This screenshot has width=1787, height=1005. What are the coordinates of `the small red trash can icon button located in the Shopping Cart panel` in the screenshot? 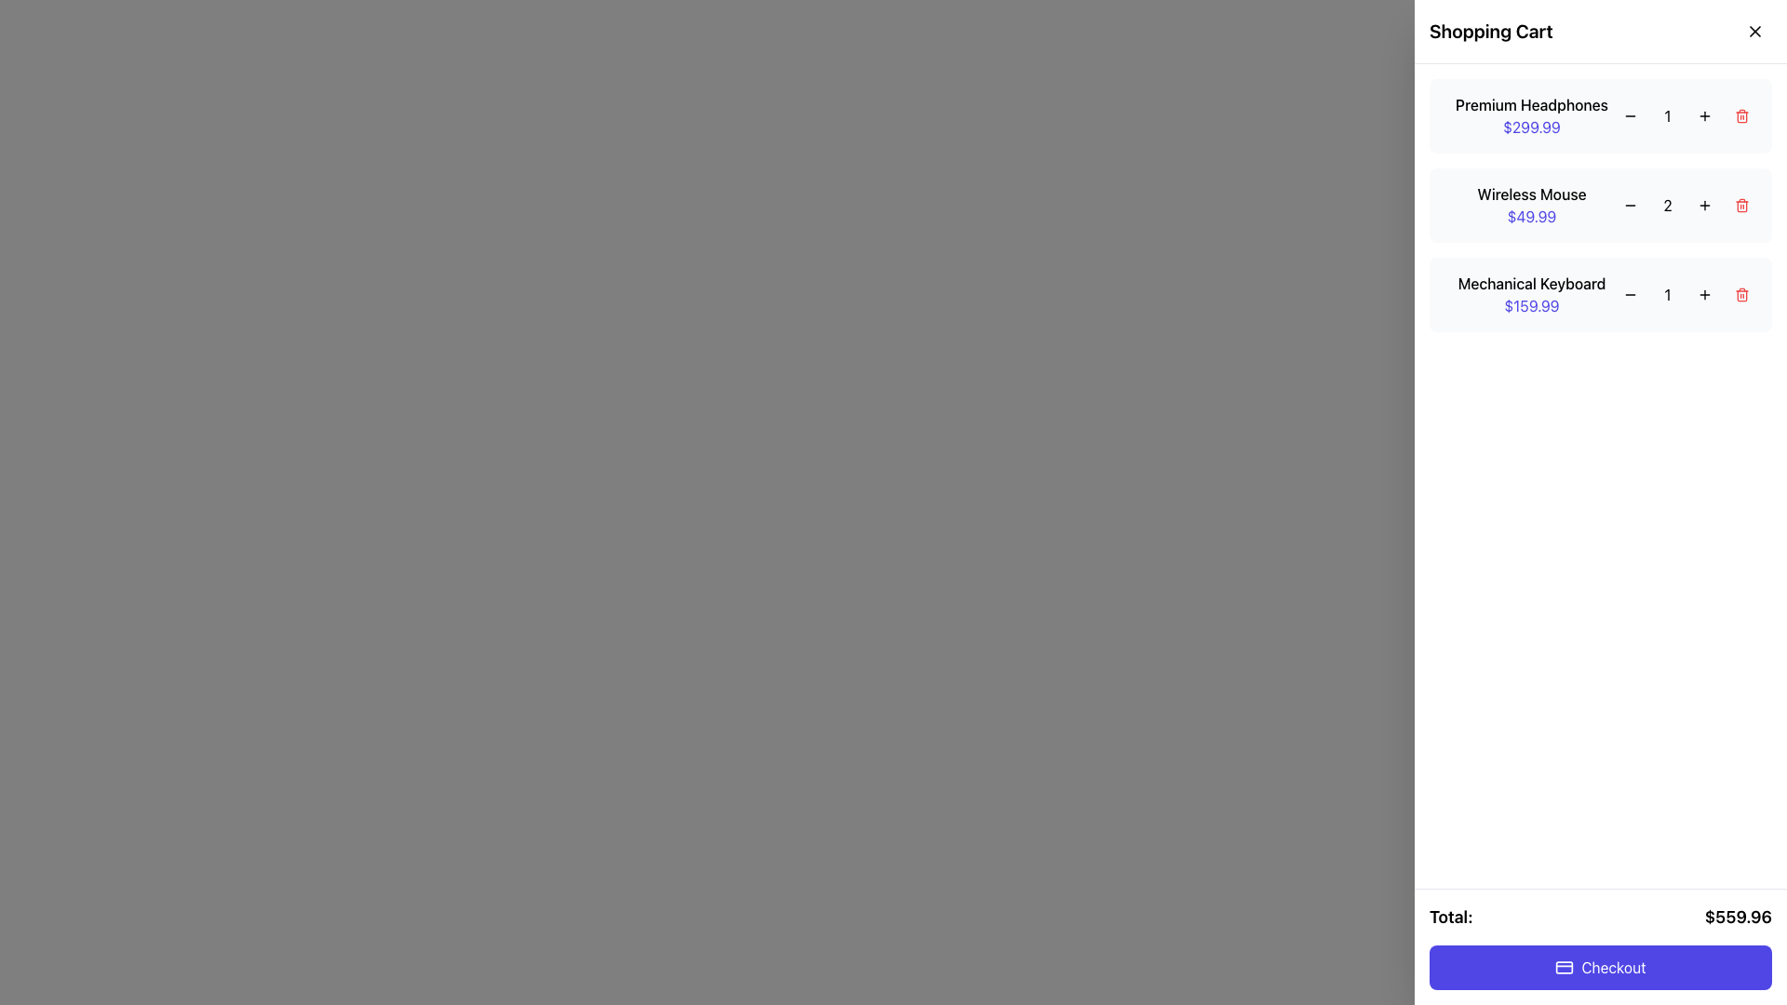 It's located at (1741, 115).